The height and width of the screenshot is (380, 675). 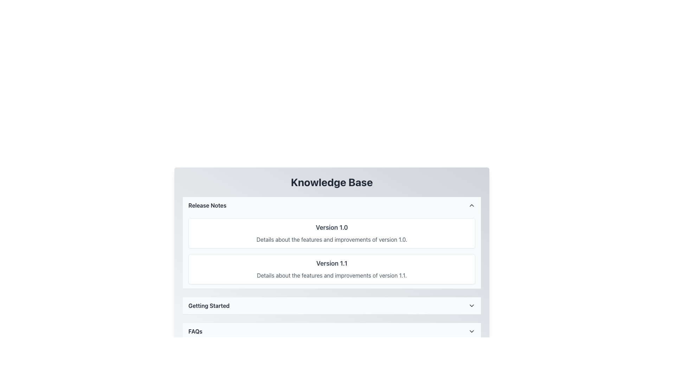 I want to click on the collapsible FAQs section icon located at the far-right end of the FAQs section header, so click(x=472, y=331).